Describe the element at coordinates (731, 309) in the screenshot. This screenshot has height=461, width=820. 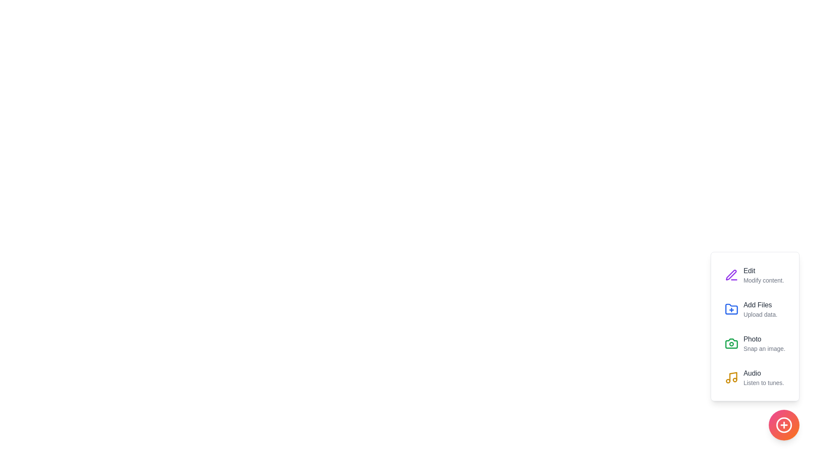
I see `the action Add Files from the menu` at that location.